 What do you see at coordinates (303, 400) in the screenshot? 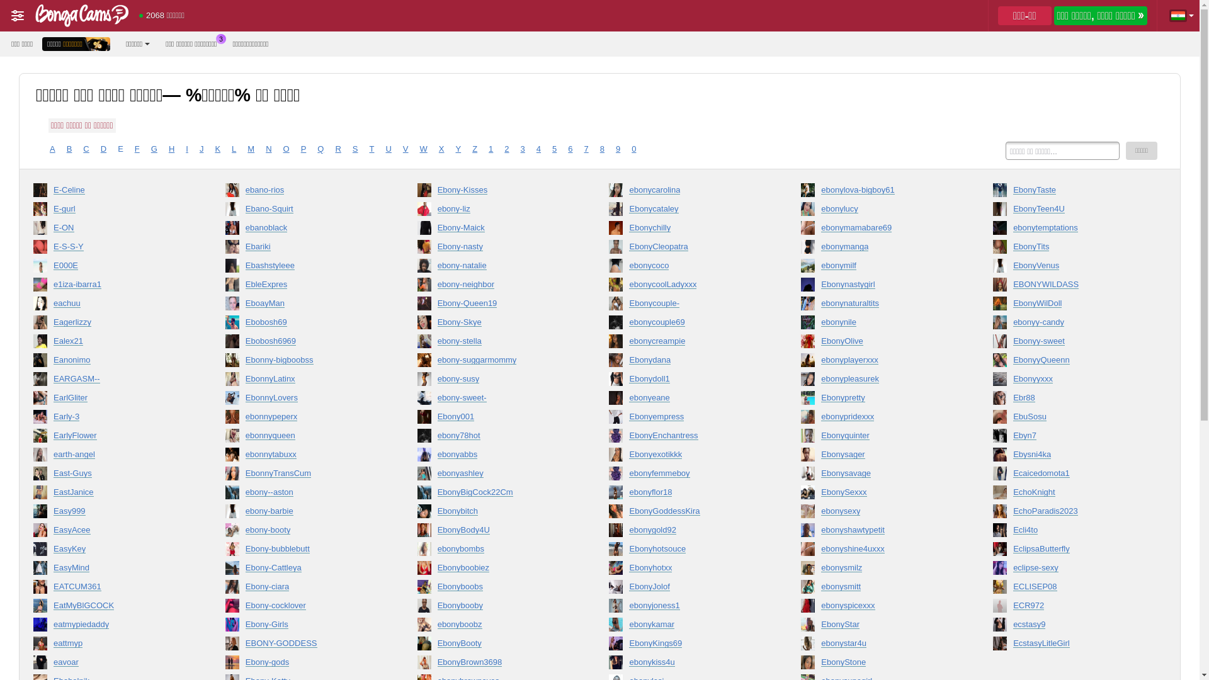
I see `'EbonnyLovers'` at bounding box center [303, 400].